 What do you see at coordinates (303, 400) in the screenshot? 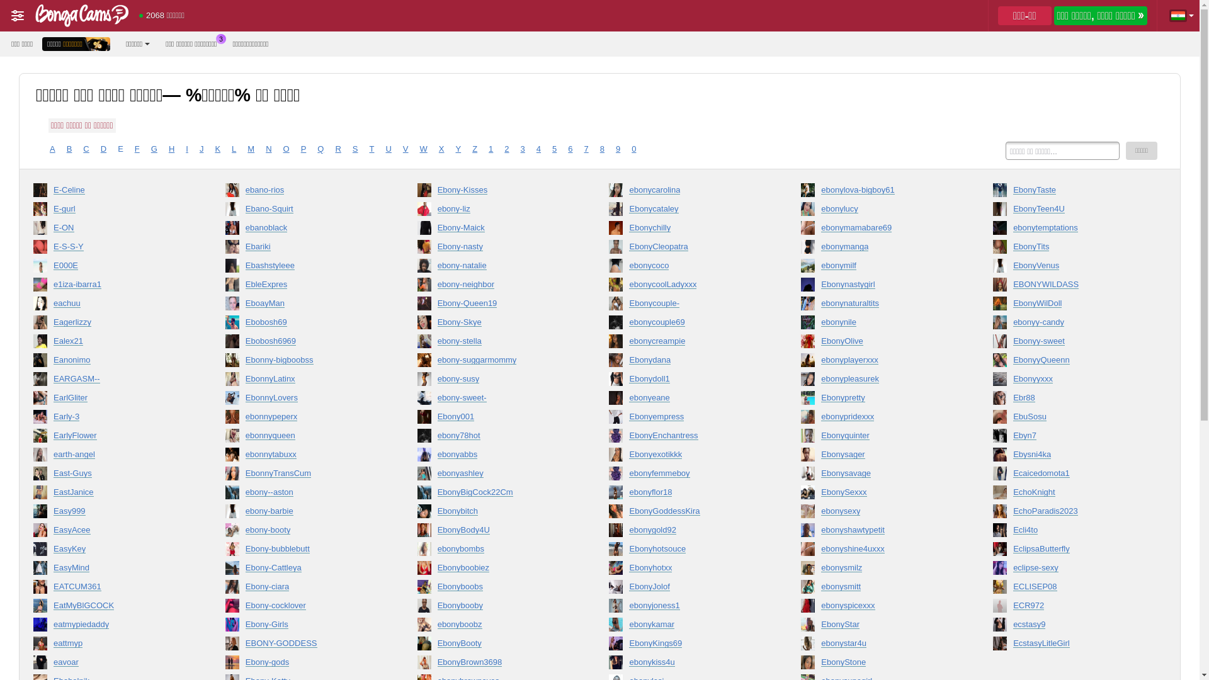
I see `'EbonnyLovers'` at bounding box center [303, 400].